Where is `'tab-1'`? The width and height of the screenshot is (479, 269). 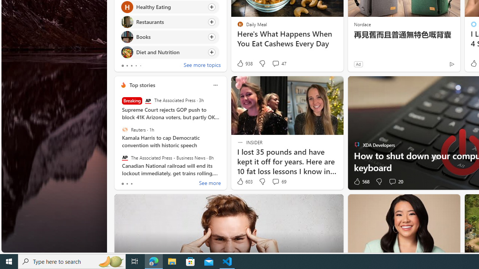
'tab-1' is located at coordinates (127, 184).